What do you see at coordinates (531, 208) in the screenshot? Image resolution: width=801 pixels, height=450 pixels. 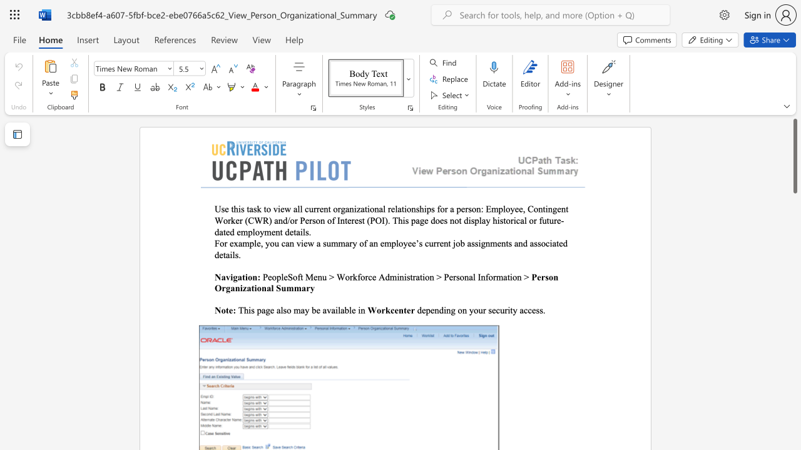 I see `the 1th character "C" in the text` at bounding box center [531, 208].